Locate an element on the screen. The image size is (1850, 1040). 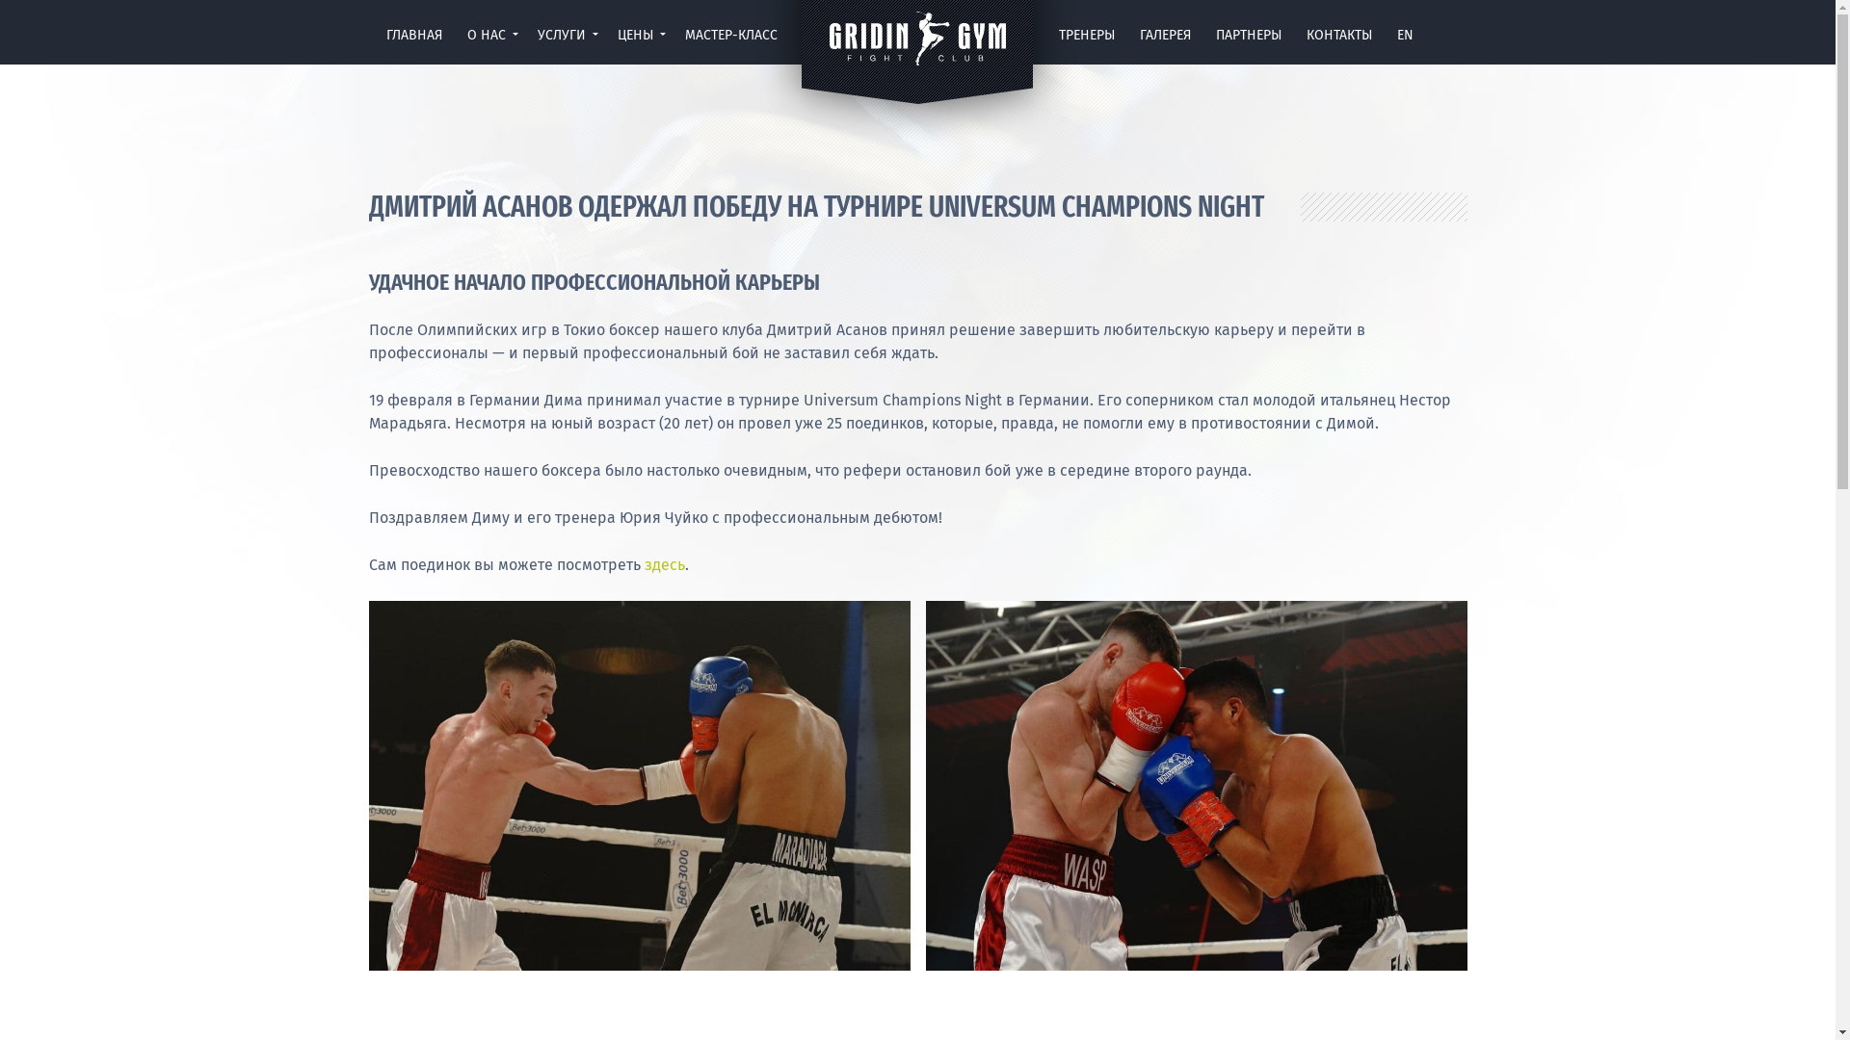
'EN' is located at coordinates (1405, 39).